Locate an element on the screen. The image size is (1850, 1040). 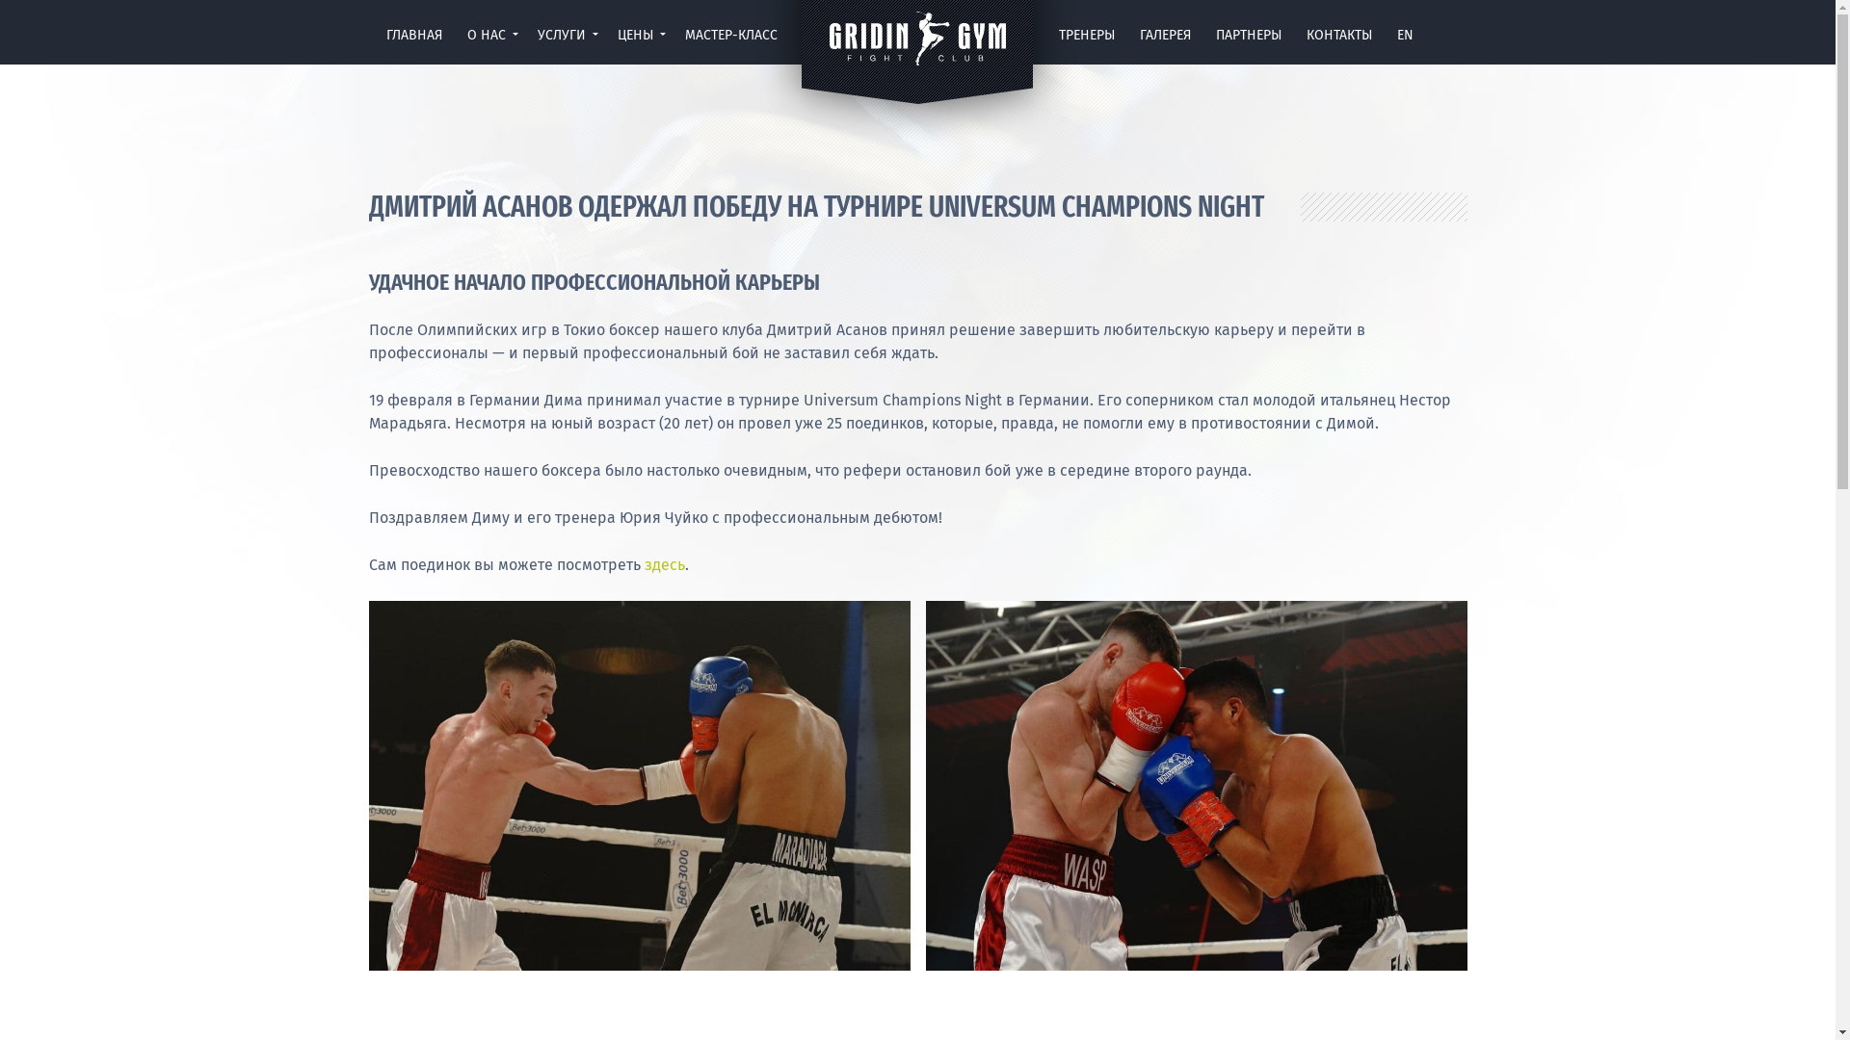
'EN' is located at coordinates (1405, 39).